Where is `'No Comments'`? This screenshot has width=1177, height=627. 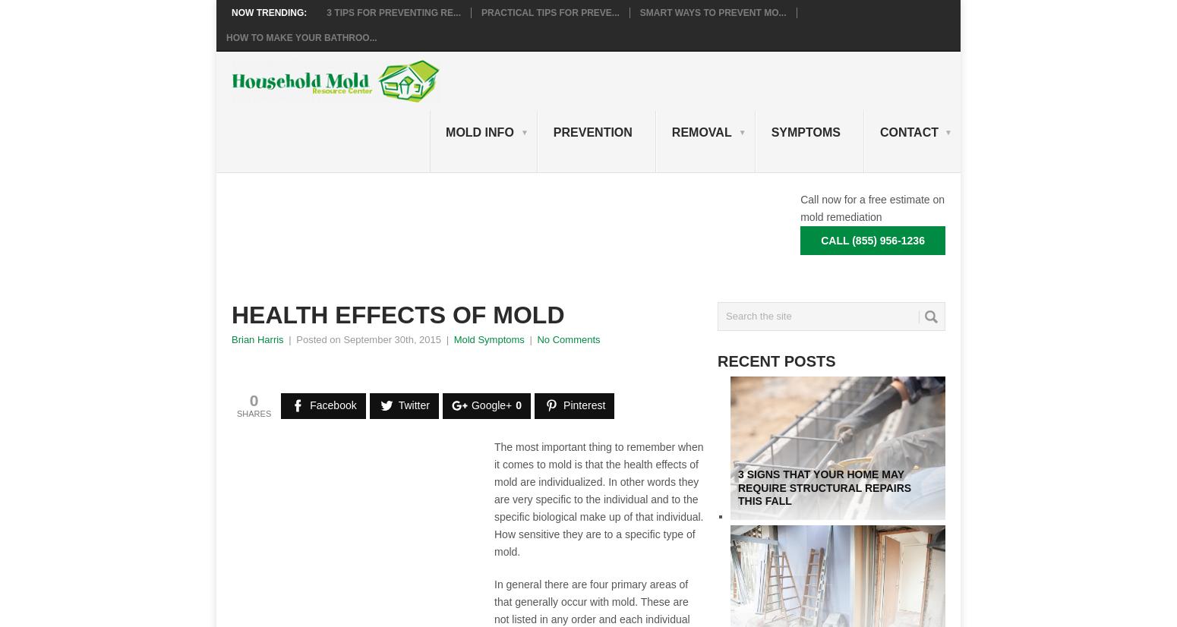
'No Comments' is located at coordinates (568, 338).